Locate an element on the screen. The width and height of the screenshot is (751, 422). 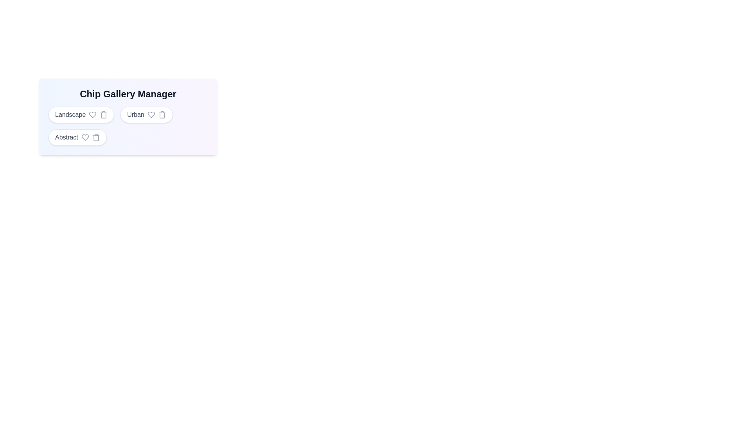
the trash icon next to the chip labeled Abstract is located at coordinates (95, 137).